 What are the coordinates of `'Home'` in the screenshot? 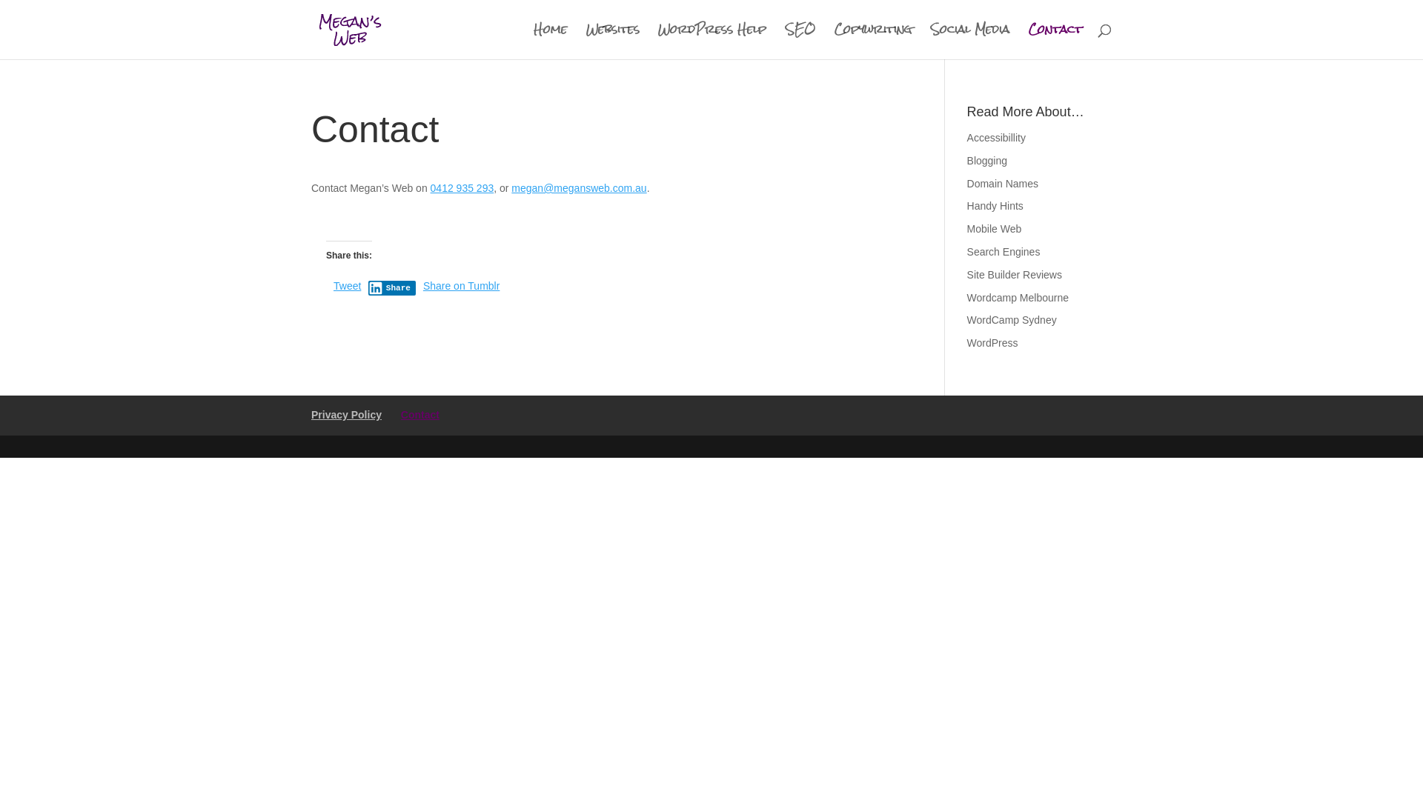 It's located at (549, 41).